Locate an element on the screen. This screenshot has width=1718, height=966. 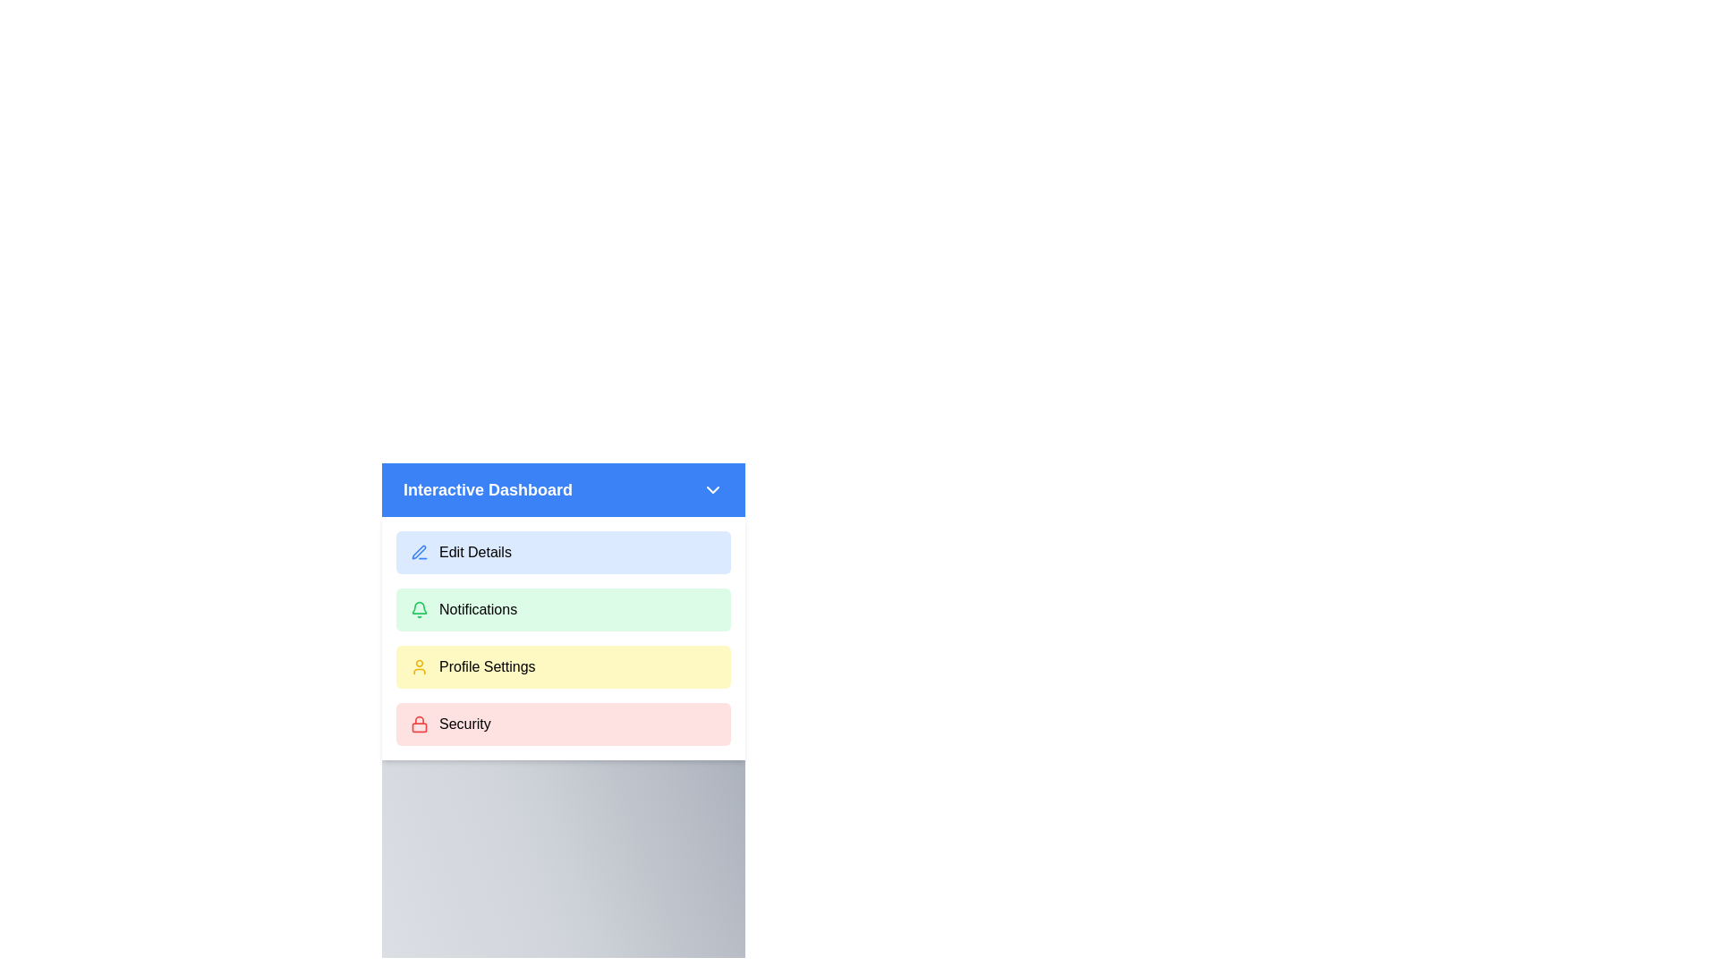
the header of the menu to toggle its visibility is located at coordinates (562, 489).